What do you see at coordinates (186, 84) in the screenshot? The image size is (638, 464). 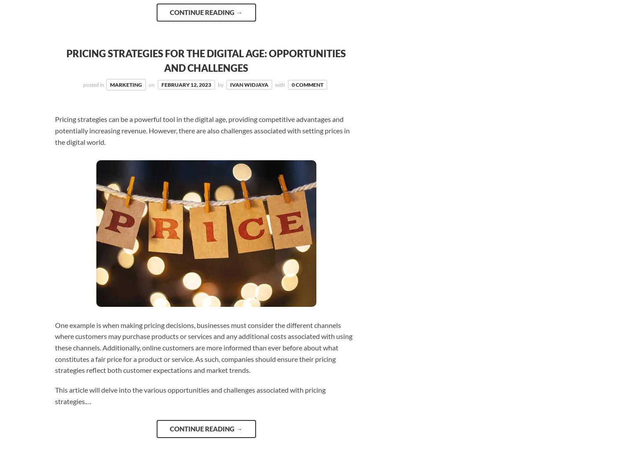 I see `'February 12, 2023'` at bounding box center [186, 84].